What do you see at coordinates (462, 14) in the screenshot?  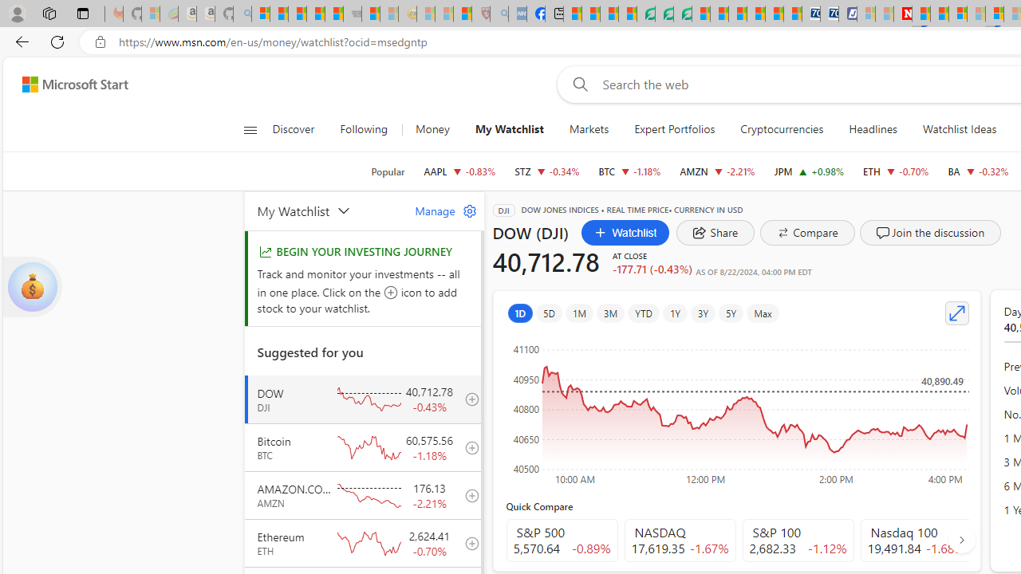 I see `'Local - MSN'` at bounding box center [462, 14].